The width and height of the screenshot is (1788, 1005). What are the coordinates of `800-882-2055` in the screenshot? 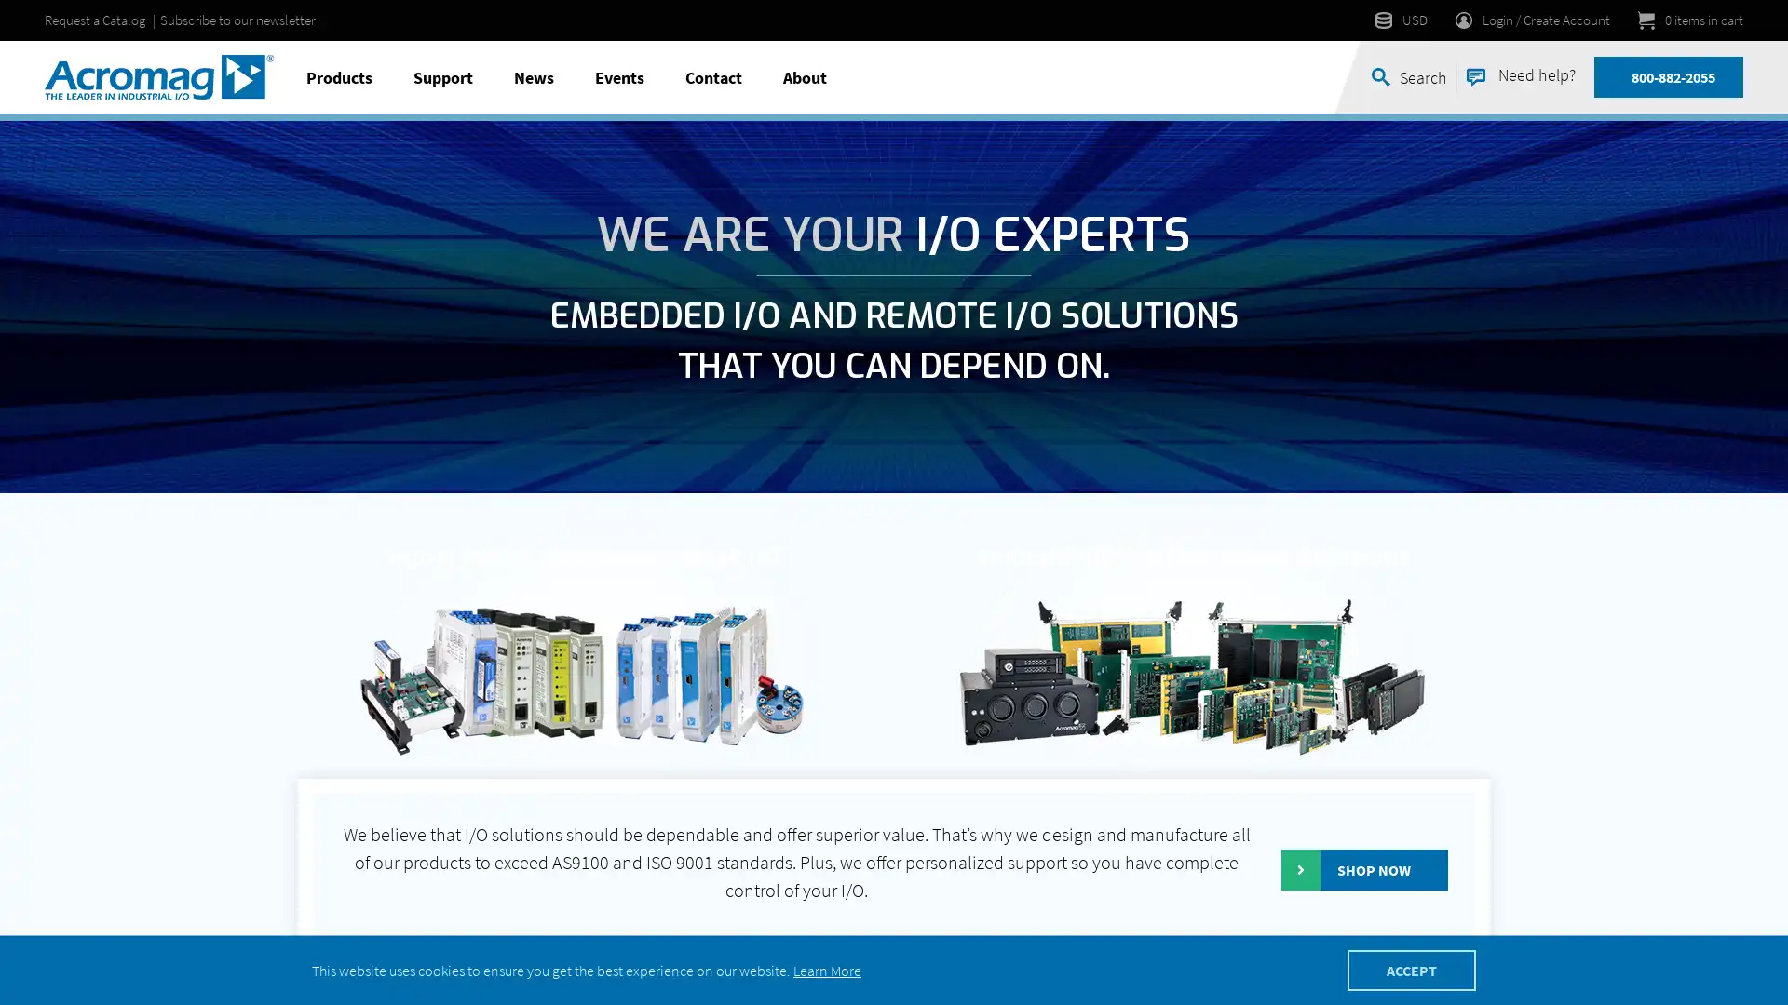 It's located at (1673, 76).